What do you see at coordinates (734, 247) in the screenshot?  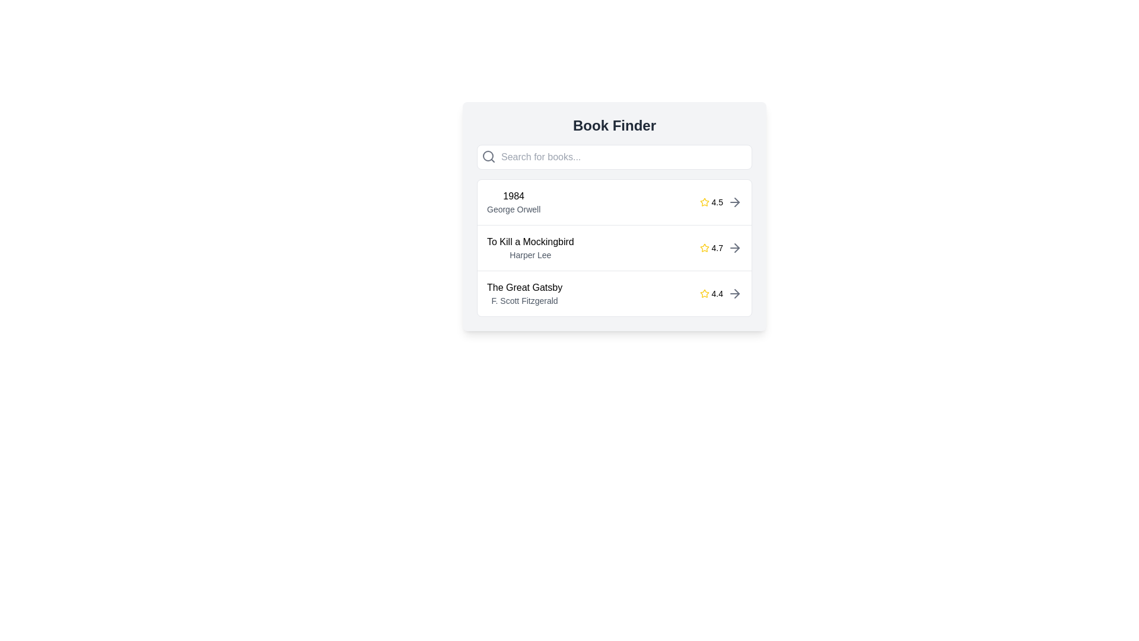 I see `the navigation icon for the book 'To Kill a Mockingbird' located in the second list entry, positioned to the far right next to the rating '4.7'` at bounding box center [734, 247].